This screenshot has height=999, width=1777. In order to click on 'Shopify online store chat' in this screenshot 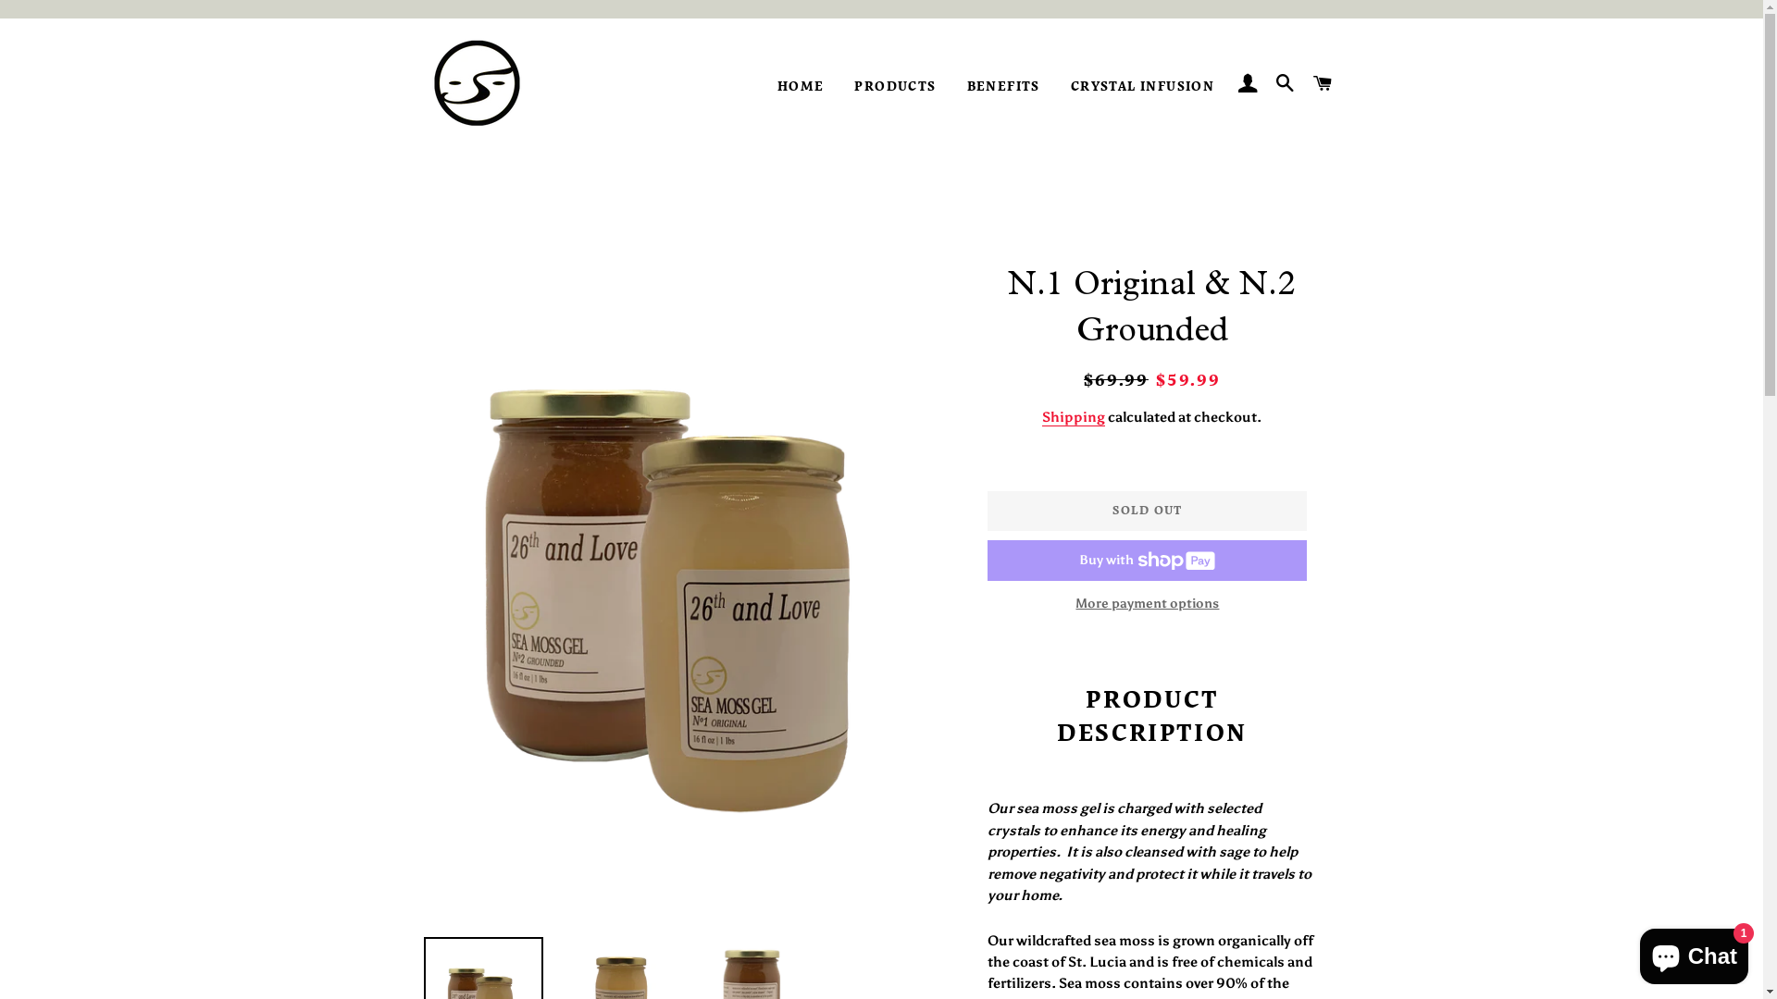, I will do `click(1694, 952)`.